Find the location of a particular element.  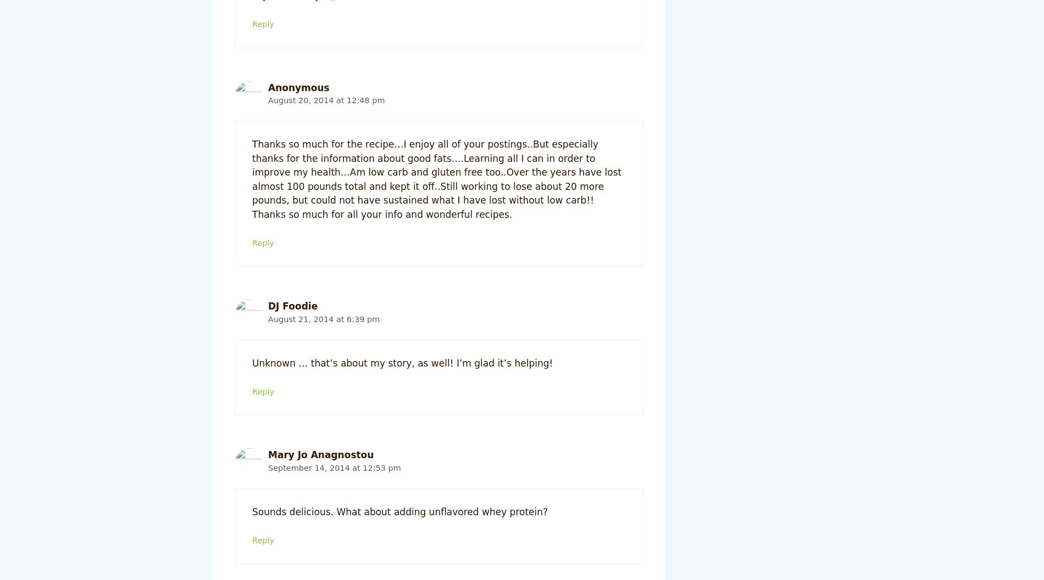

'Anonymous' is located at coordinates (298, 87).